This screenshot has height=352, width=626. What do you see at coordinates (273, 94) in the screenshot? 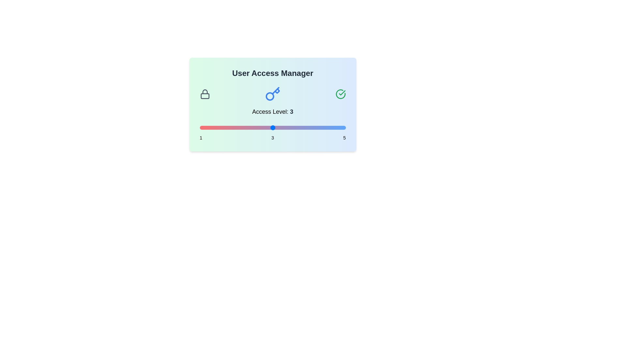
I see `the key icon in the User Access Manager component` at bounding box center [273, 94].